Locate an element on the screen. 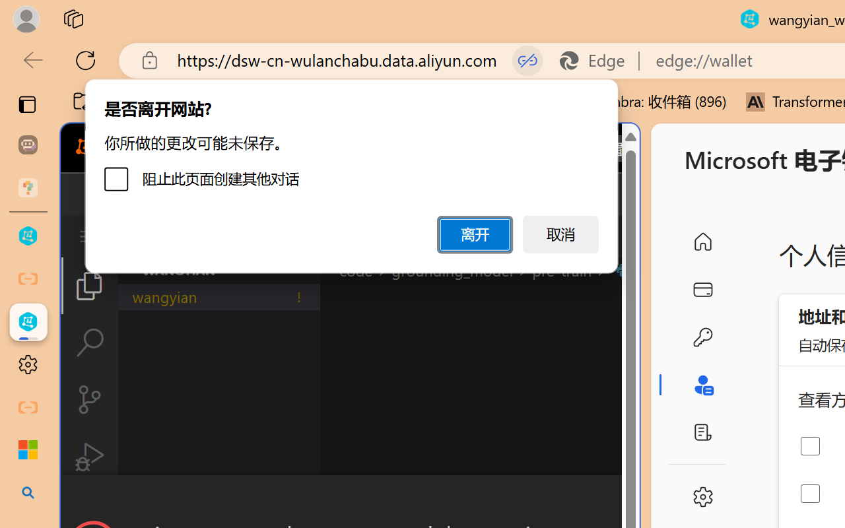 The width and height of the screenshot is (845, 528). 'Run and Debug (Ctrl+Shift+D)' is located at coordinates (88, 457).